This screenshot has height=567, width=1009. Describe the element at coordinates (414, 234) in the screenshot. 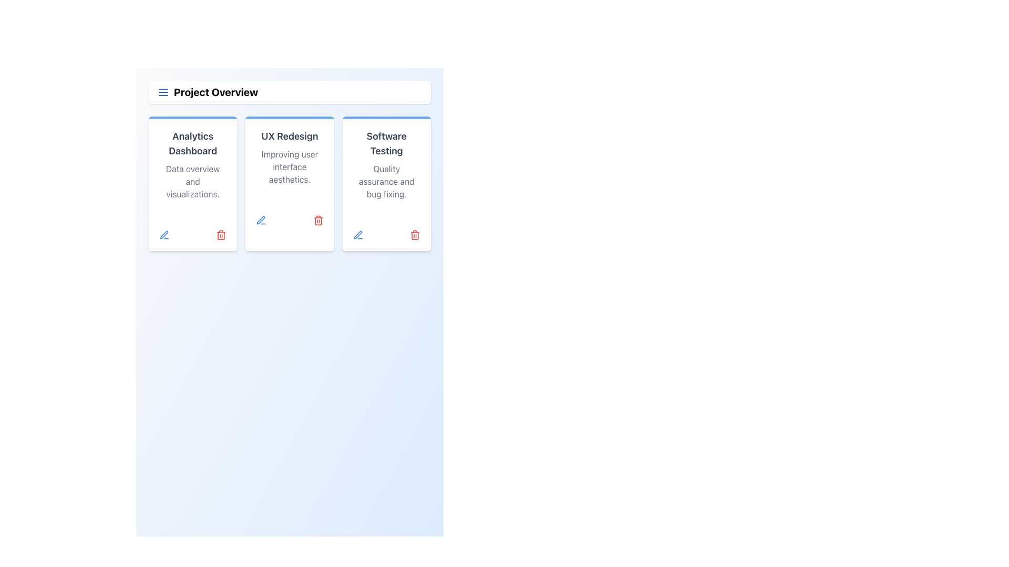

I see `the delete button located at the bottom-right corner of the 'Software Testing' card` at that location.